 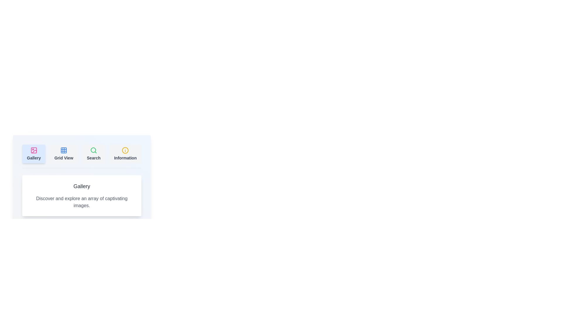 I want to click on the tab labeled Grid View by clicking on its button, so click(x=64, y=153).